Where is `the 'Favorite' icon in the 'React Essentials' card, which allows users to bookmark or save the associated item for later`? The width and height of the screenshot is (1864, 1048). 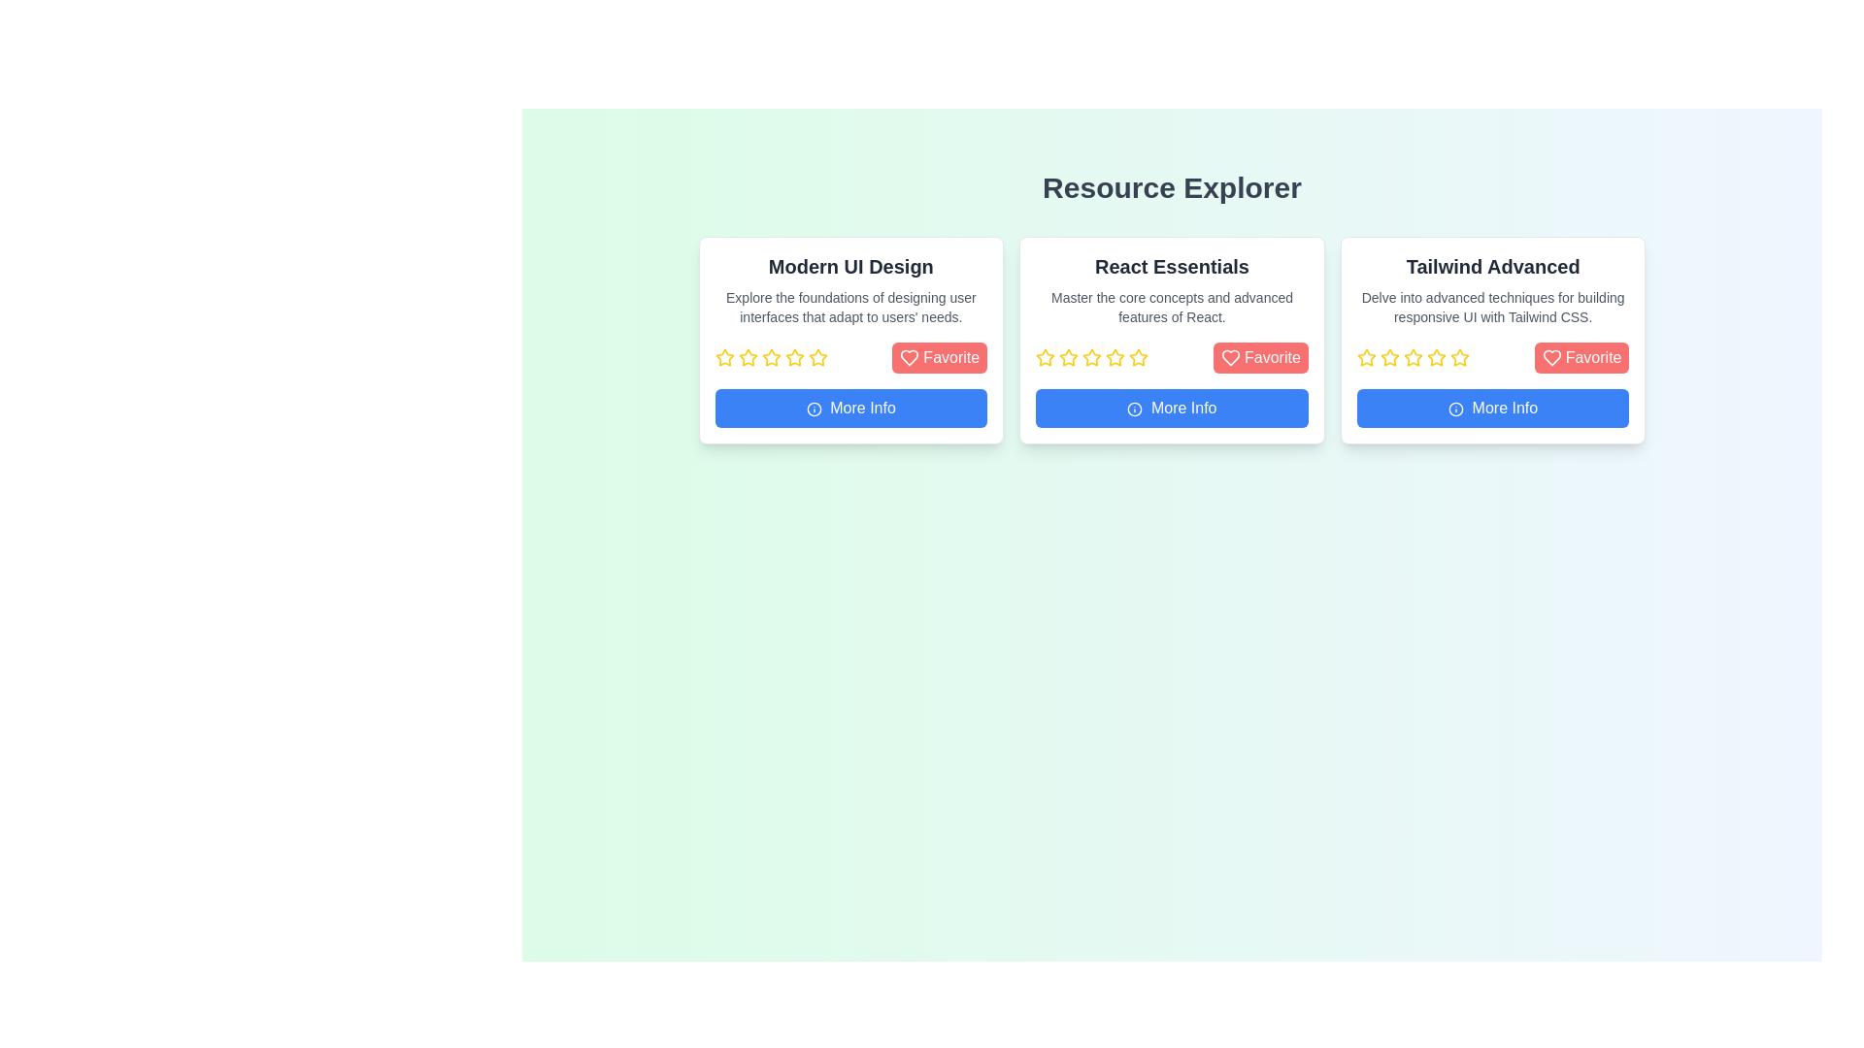 the 'Favorite' icon in the 'React Essentials' card, which allows users to bookmark or save the associated item for later is located at coordinates (1229, 358).